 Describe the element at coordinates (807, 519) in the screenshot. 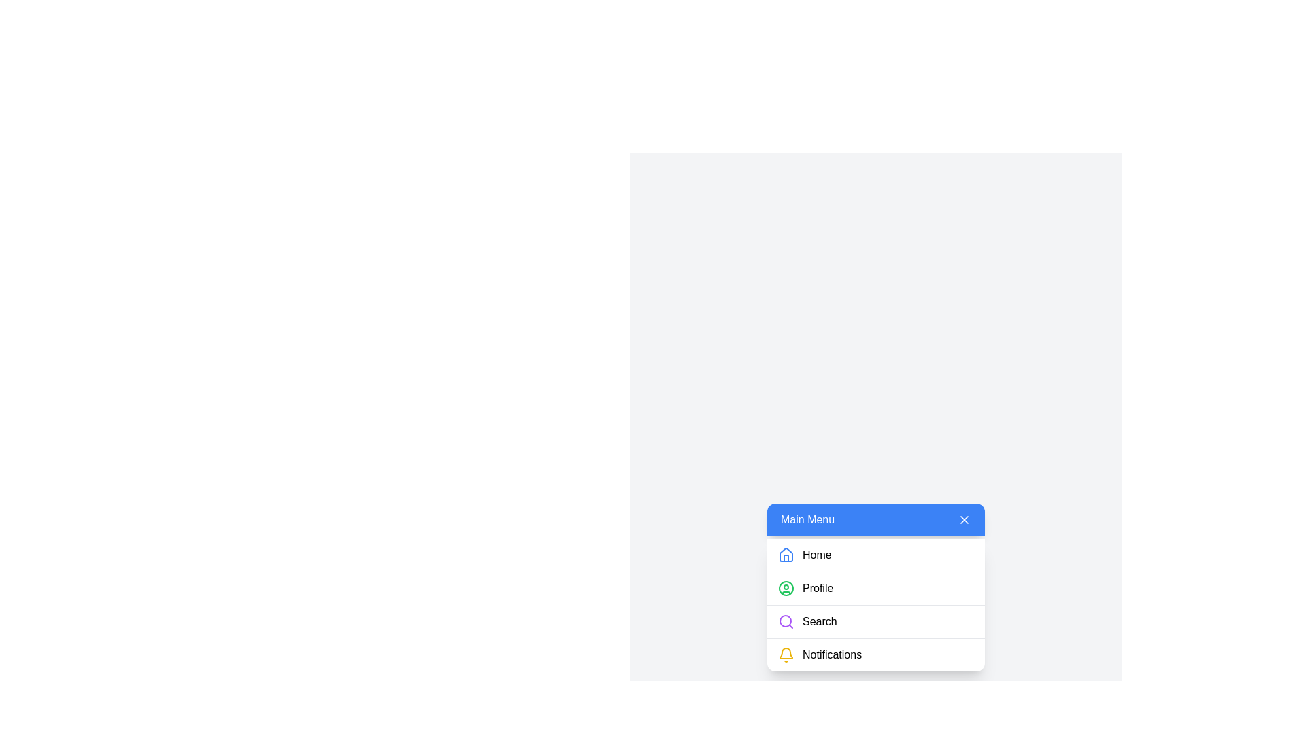

I see `the 'Main Menu' text label, which is displayed in white color at the top of the blue header bar` at that location.